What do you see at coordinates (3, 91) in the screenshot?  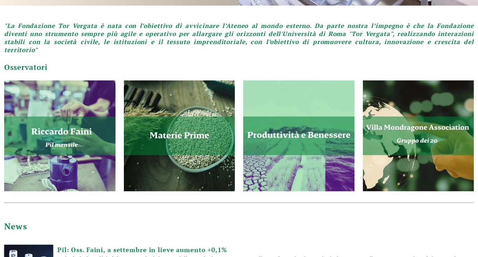 I see `'segreteria.fondazione@economia.uniroma2.it'` at bounding box center [3, 91].